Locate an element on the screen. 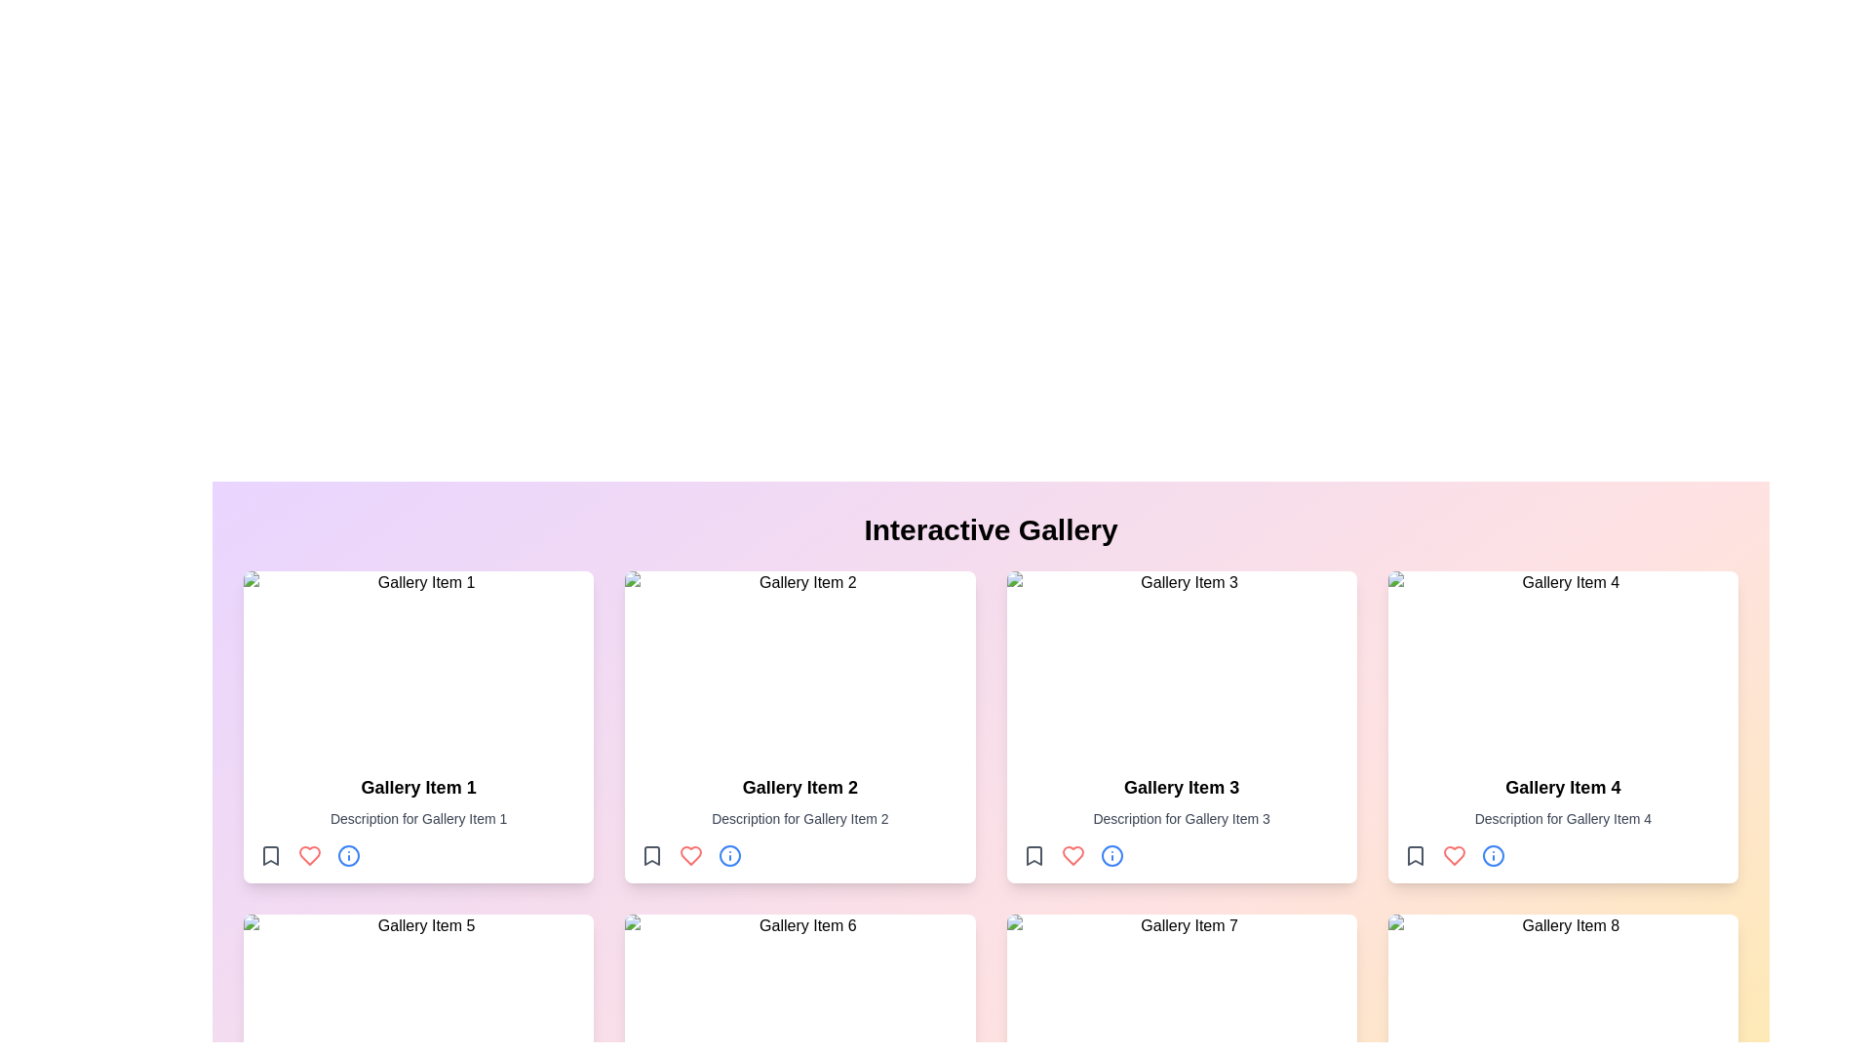 Image resolution: width=1872 pixels, height=1053 pixels. the bookmark icon located below 'Gallery Item 4' and to the left of the heart-shaped icon in the item card's footer is located at coordinates (1415, 855).